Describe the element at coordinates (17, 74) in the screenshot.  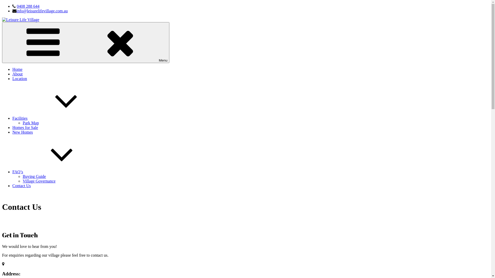
I see `'About'` at that location.